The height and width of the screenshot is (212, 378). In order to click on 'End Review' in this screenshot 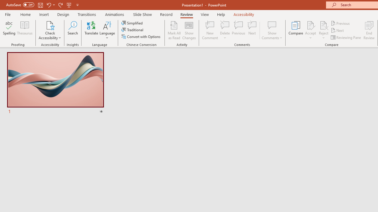, I will do `click(369, 30)`.